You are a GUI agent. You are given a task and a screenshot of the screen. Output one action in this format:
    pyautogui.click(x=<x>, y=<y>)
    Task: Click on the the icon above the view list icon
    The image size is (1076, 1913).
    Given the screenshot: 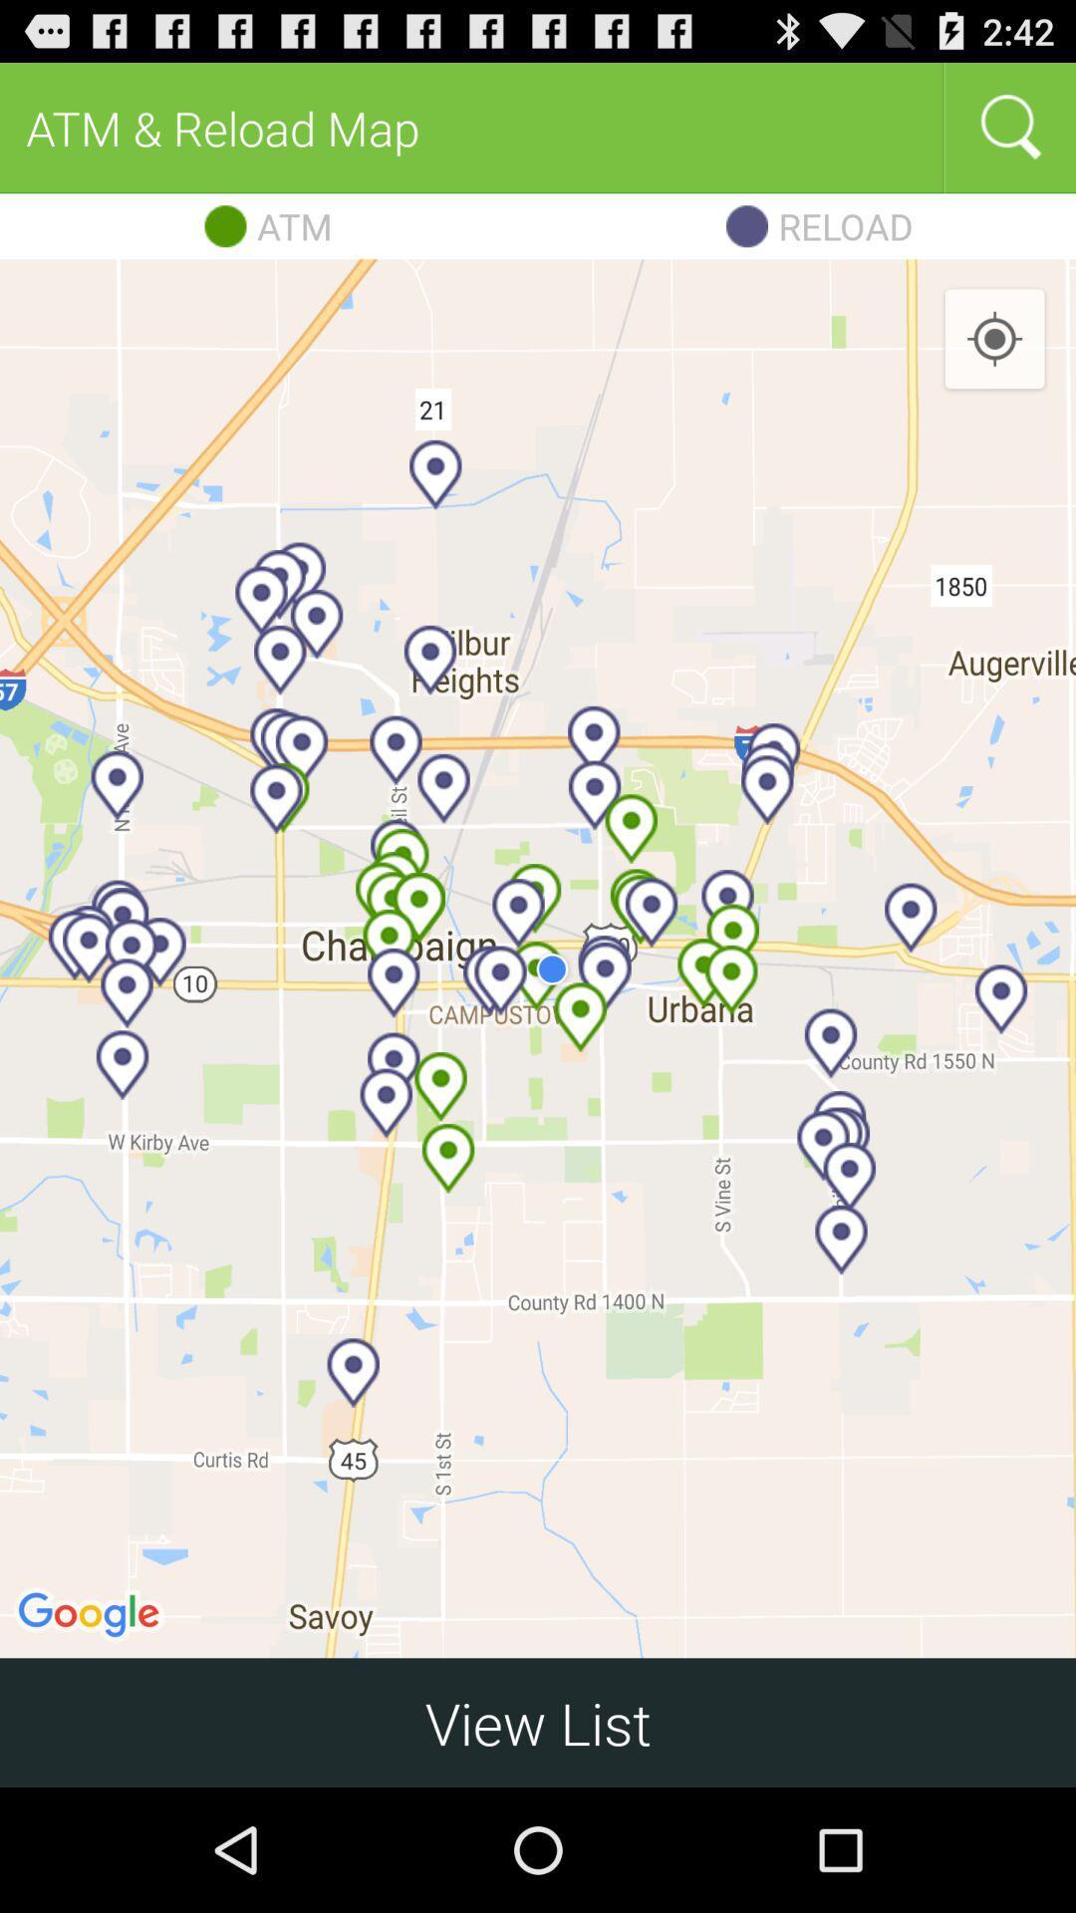 What is the action you would take?
    pyautogui.click(x=994, y=340)
    